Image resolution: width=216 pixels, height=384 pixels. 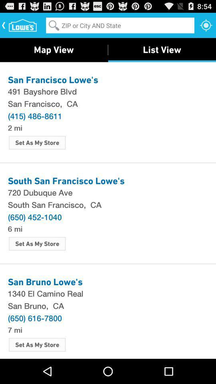 What do you see at coordinates (34, 217) in the screenshot?
I see `the icon below the south san francisco item` at bounding box center [34, 217].